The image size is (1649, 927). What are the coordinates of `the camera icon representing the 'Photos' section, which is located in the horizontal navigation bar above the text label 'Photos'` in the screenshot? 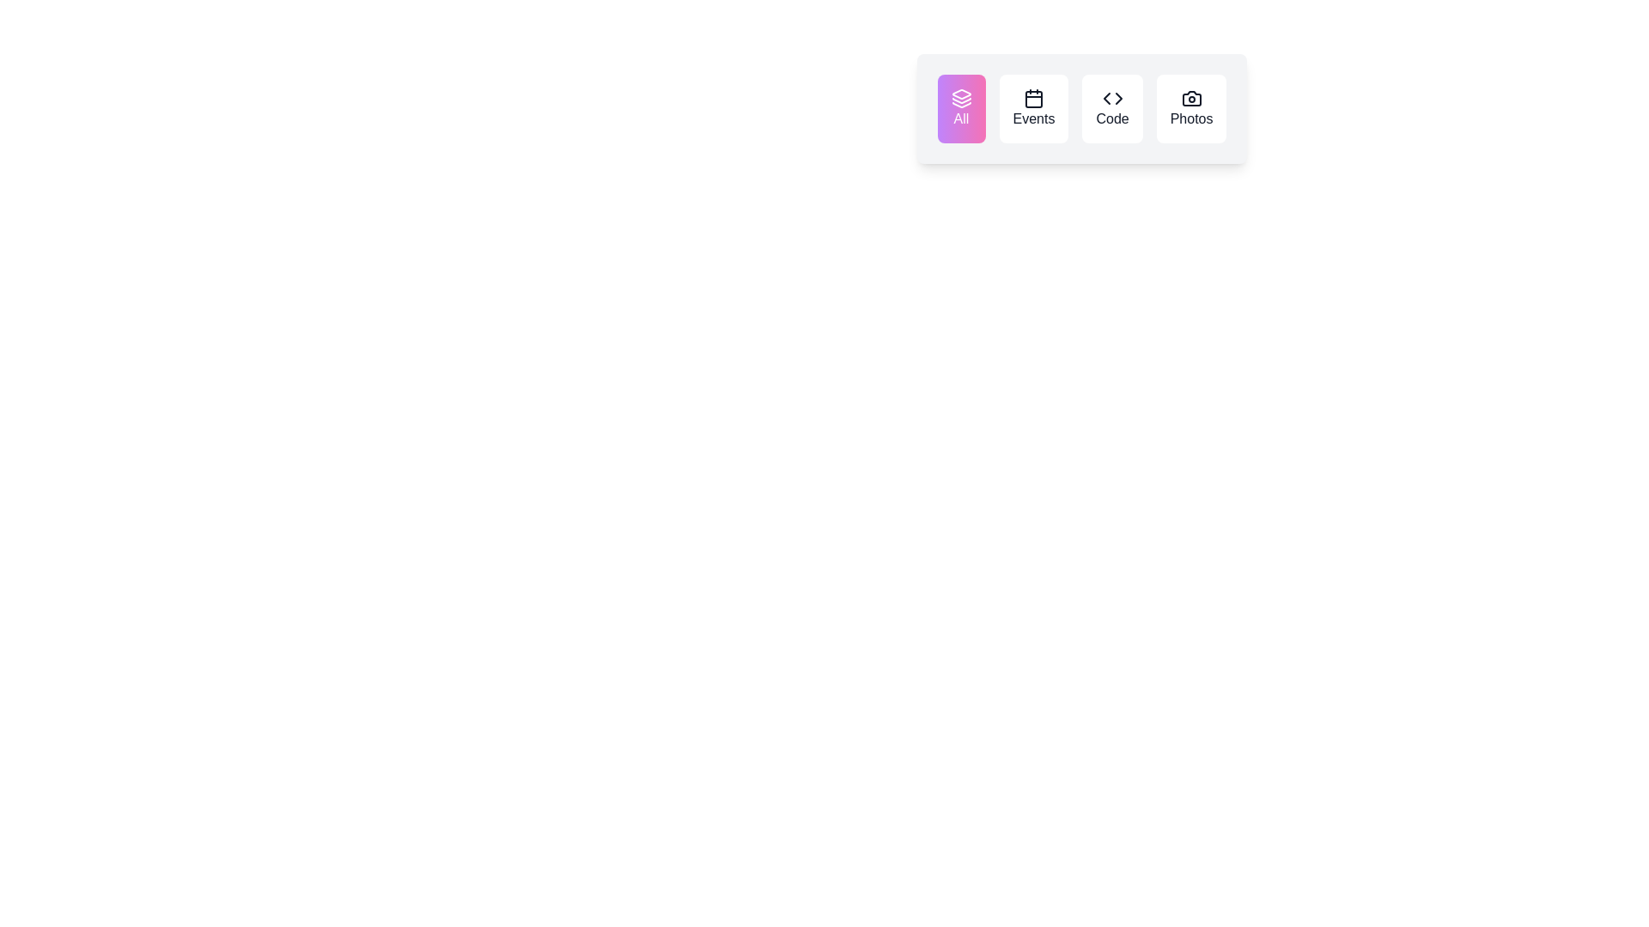 It's located at (1190, 99).